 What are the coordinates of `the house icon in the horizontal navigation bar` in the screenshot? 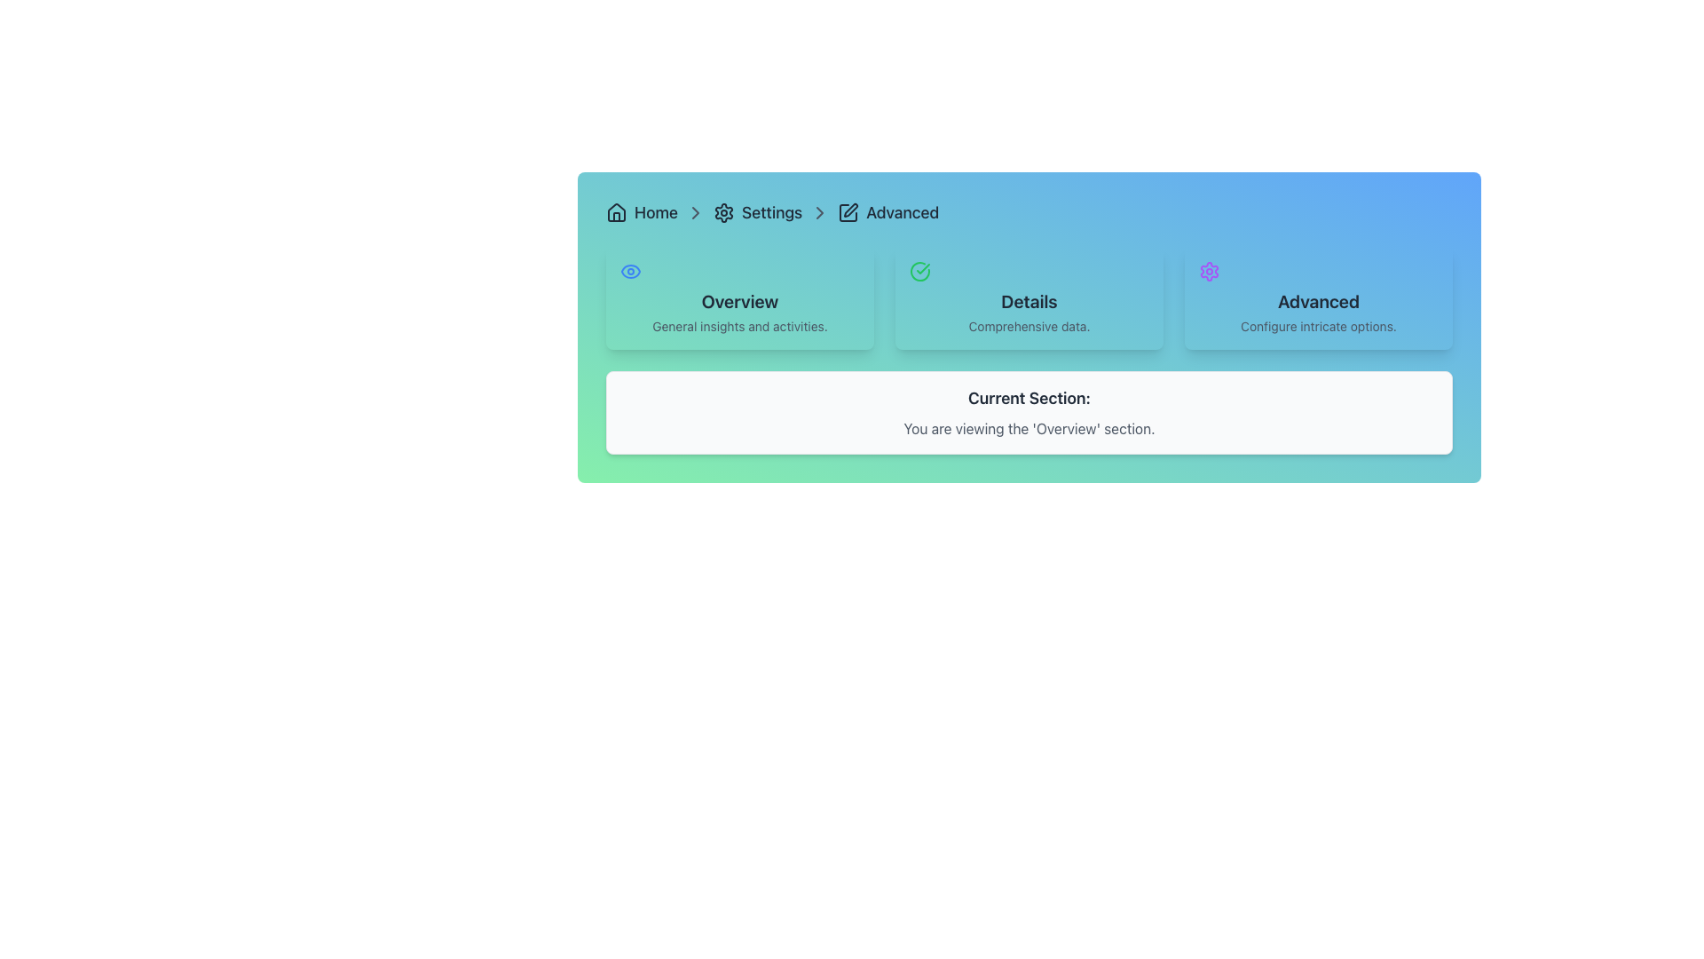 It's located at (617, 211).